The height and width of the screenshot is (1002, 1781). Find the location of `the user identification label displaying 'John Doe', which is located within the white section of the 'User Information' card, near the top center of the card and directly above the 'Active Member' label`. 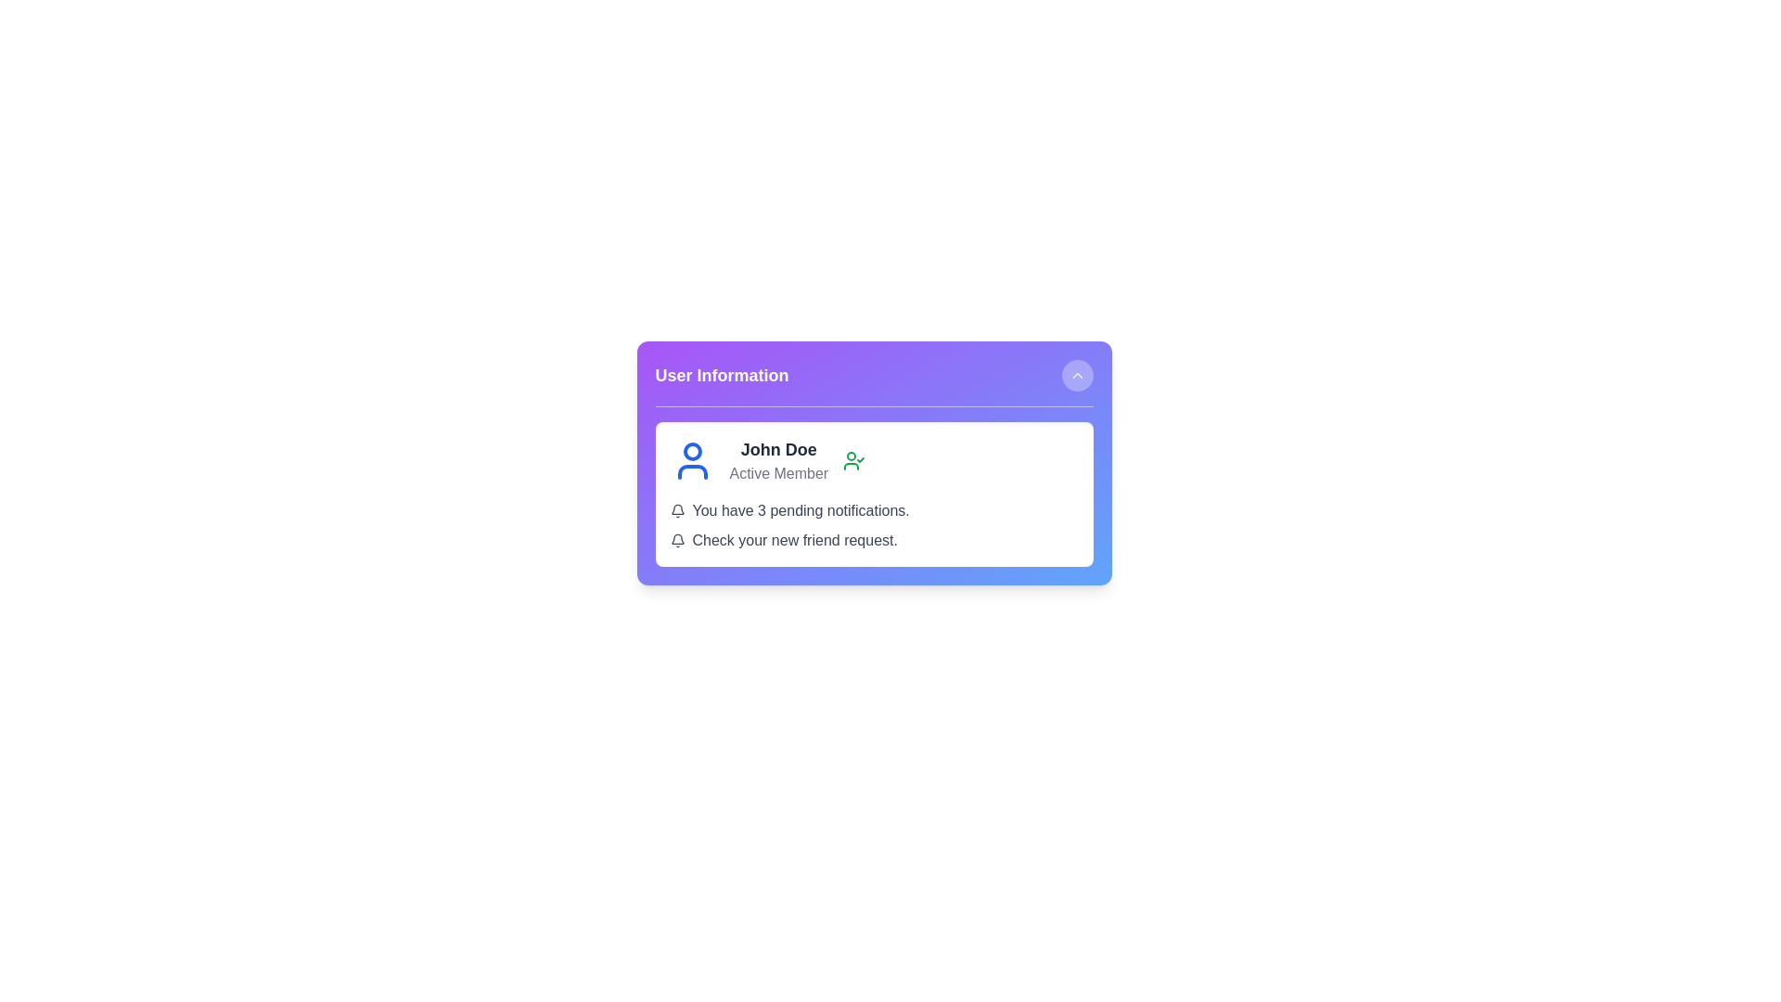

the user identification label displaying 'John Doe', which is located within the white section of the 'User Information' card, near the top center of the card and directly above the 'Active Member' label is located at coordinates (778, 450).